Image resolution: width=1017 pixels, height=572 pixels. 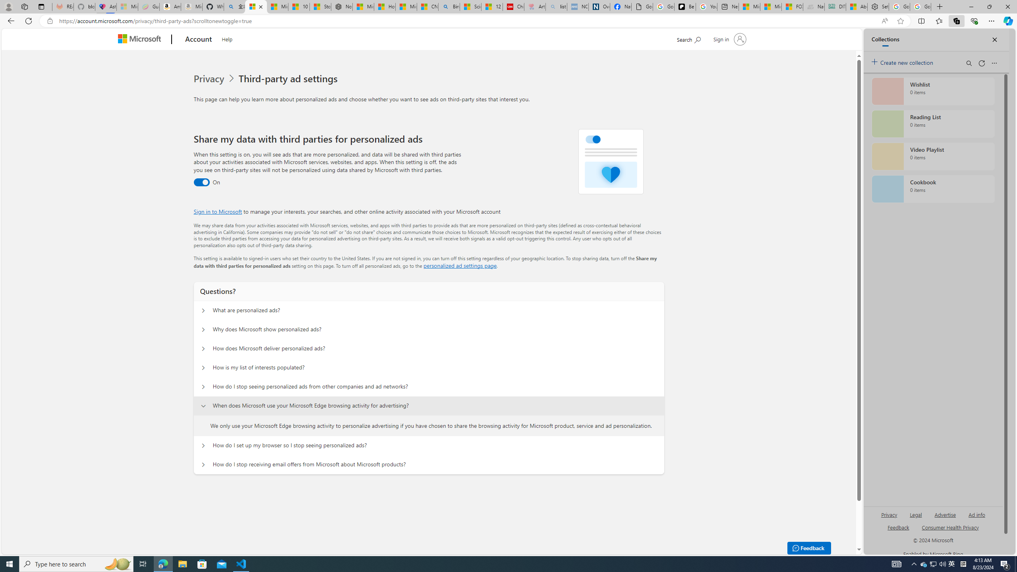 I want to click on 'Search Microsoft.com', so click(x=688, y=38).